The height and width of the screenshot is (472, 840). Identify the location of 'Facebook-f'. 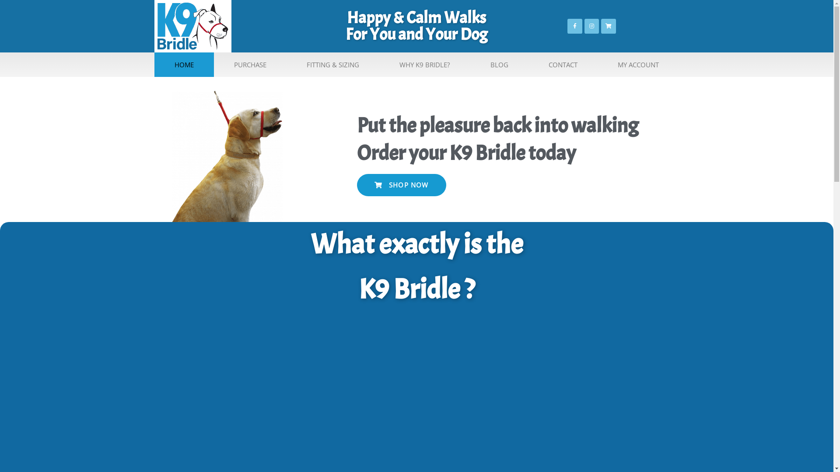
(575, 26).